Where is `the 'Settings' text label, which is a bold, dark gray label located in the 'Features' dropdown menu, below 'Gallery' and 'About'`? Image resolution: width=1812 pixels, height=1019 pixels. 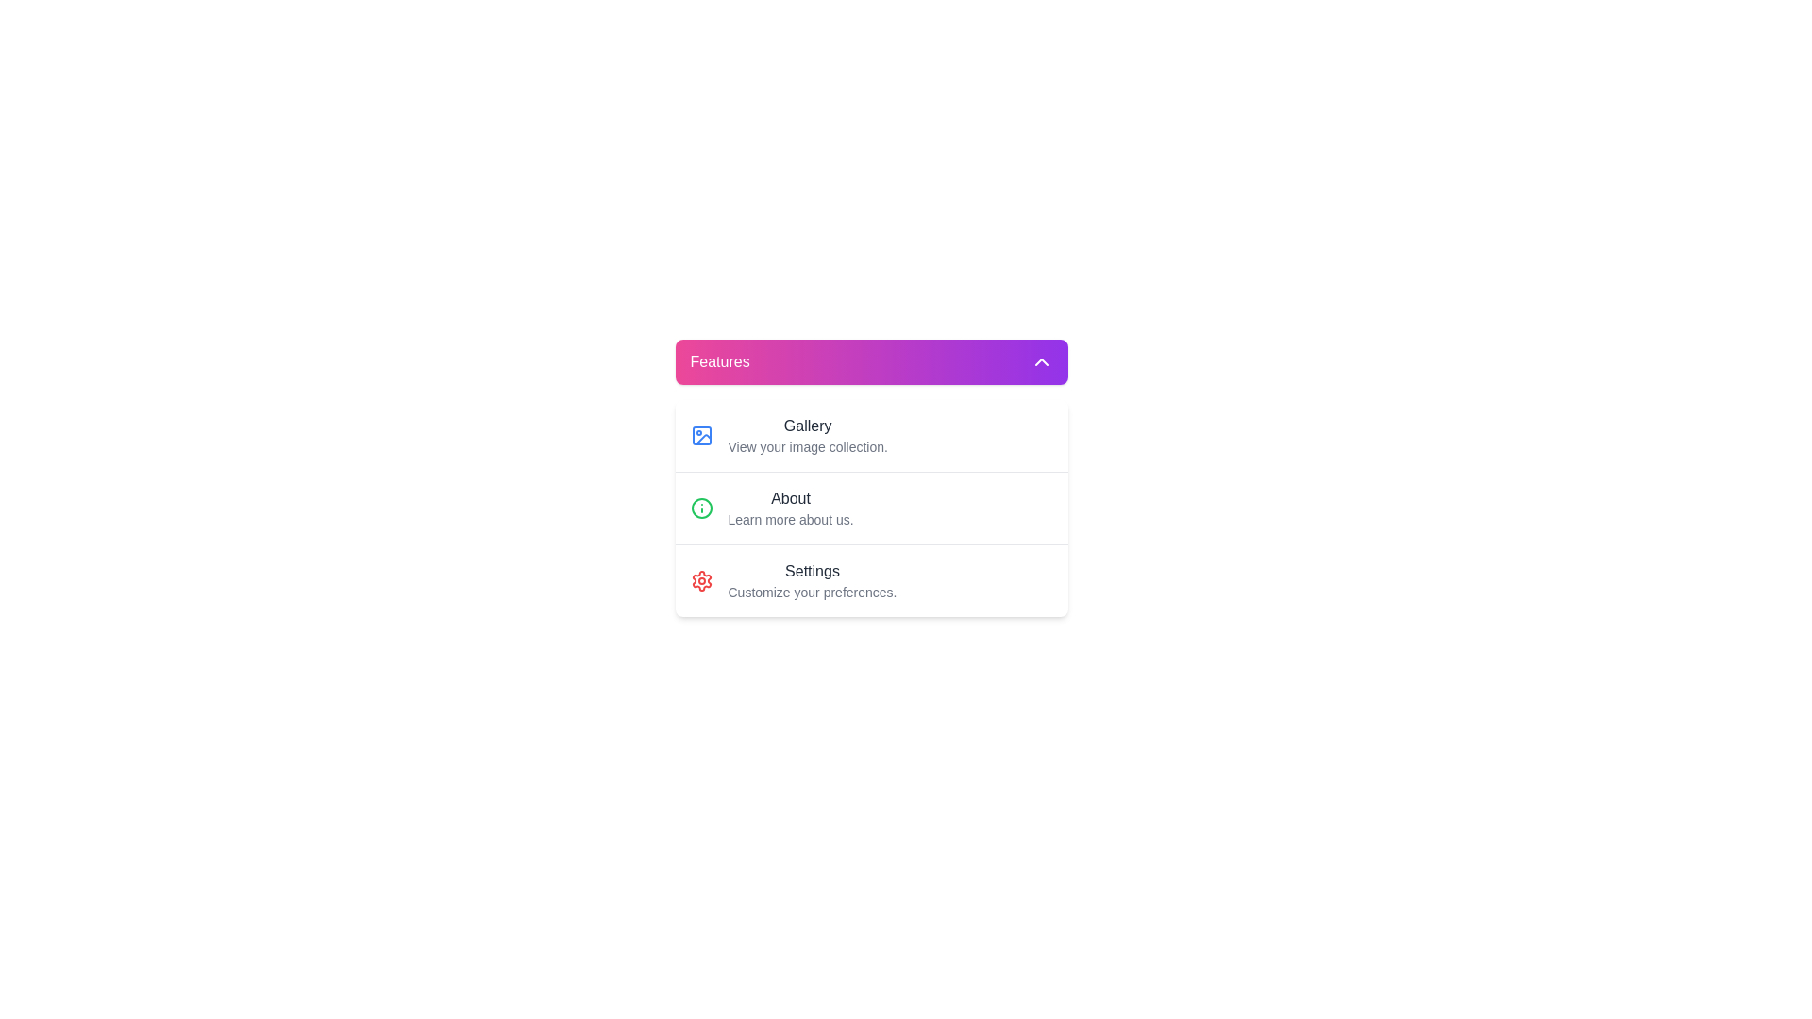 the 'Settings' text label, which is a bold, dark gray label located in the 'Features' dropdown menu, below 'Gallery' and 'About' is located at coordinates (812, 570).